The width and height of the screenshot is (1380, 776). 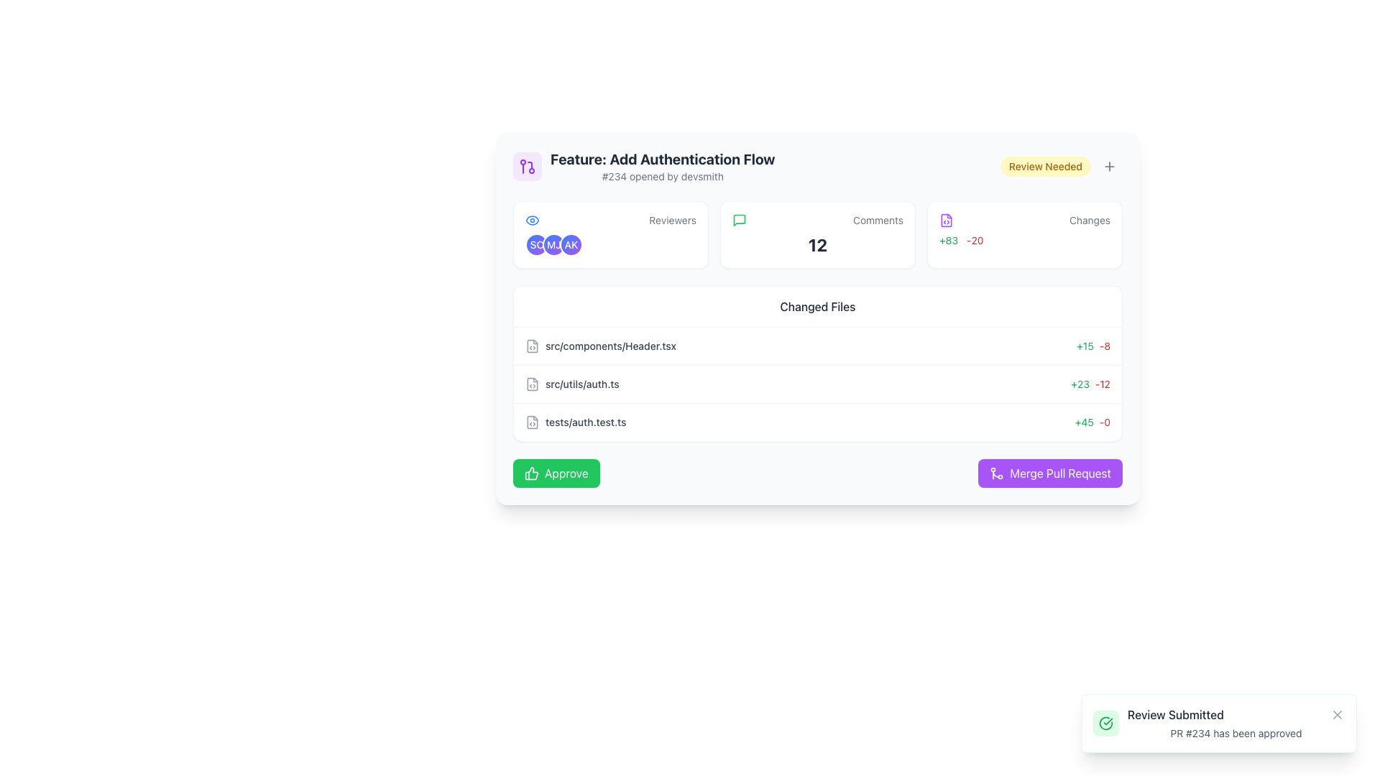 I want to click on the '+' symbol next to the pending review label in the 'Feature: Add Authentication Flow' section, so click(x=1061, y=165).